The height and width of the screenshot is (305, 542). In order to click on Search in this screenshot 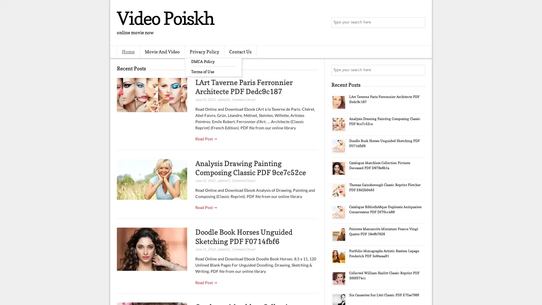, I will do `click(419, 70)`.